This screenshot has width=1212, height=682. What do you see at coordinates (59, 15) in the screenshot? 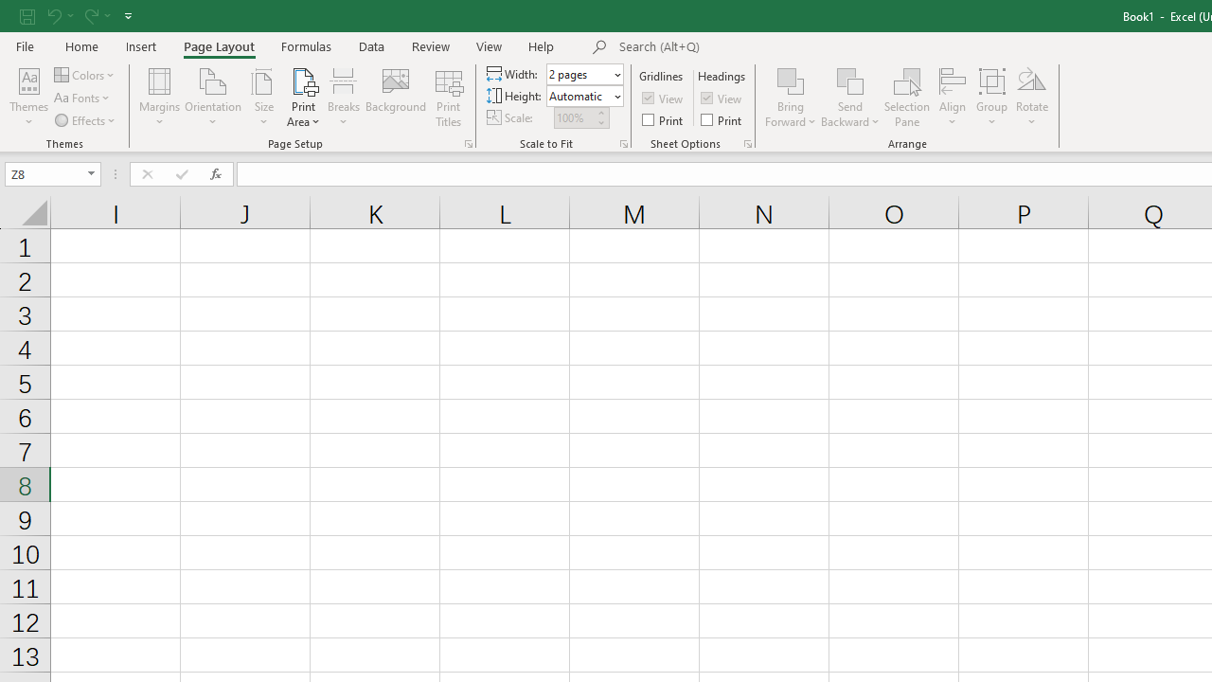
I see `'Undo'` at bounding box center [59, 15].